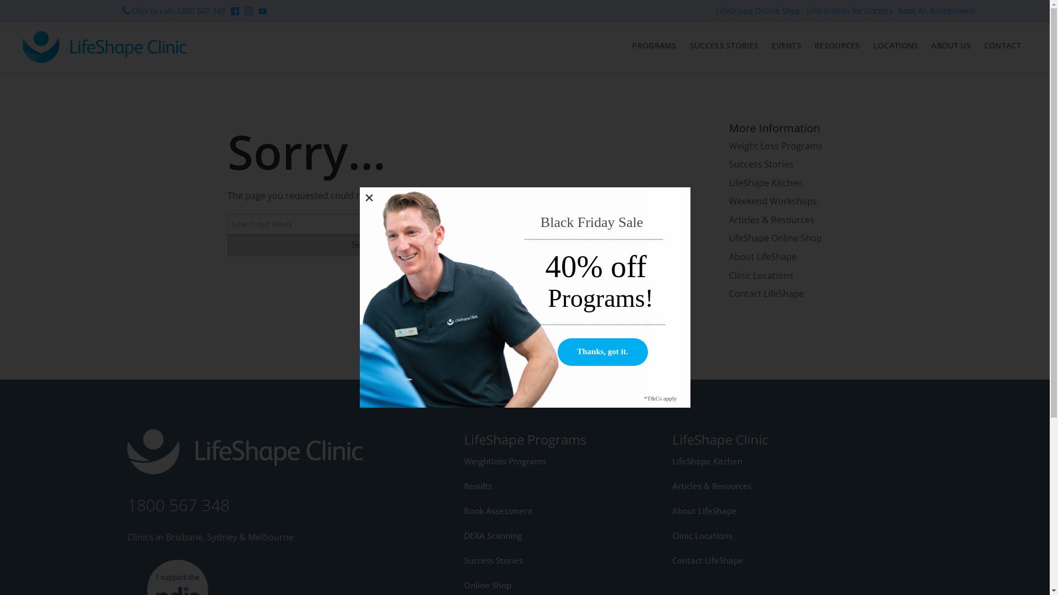 The height and width of the screenshot is (595, 1058). I want to click on 'DEXA Scanning', so click(518, 535).